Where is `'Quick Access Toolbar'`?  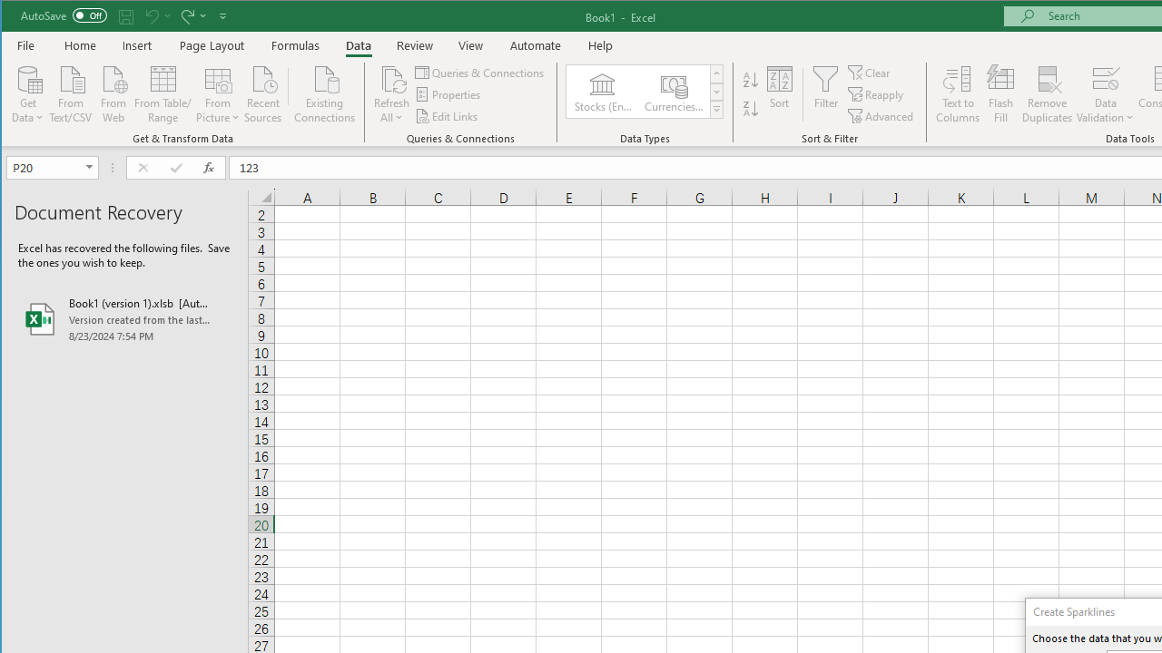 'Quick Access Toolbar' is located at coordinates (124, 16).